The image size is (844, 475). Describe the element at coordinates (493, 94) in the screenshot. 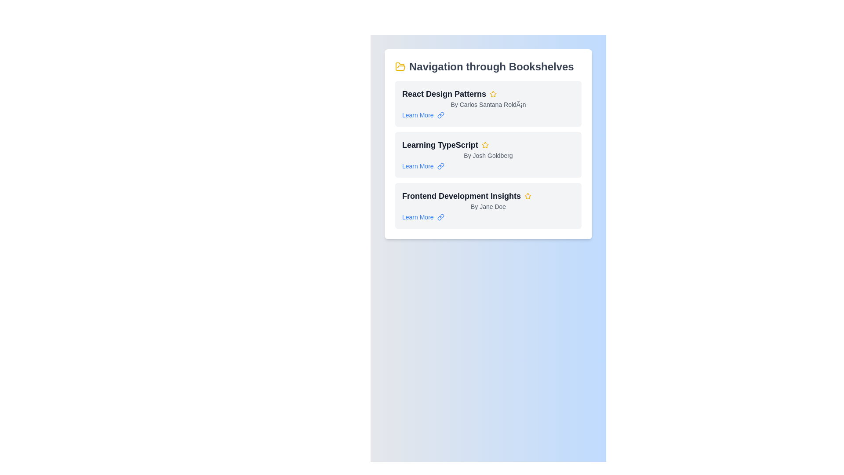

I see `the visual indicator icon representing the rating or highlight marker for the book titled 'React Design Patterns', which is the first item in a vertical list of three book entries` at that location.